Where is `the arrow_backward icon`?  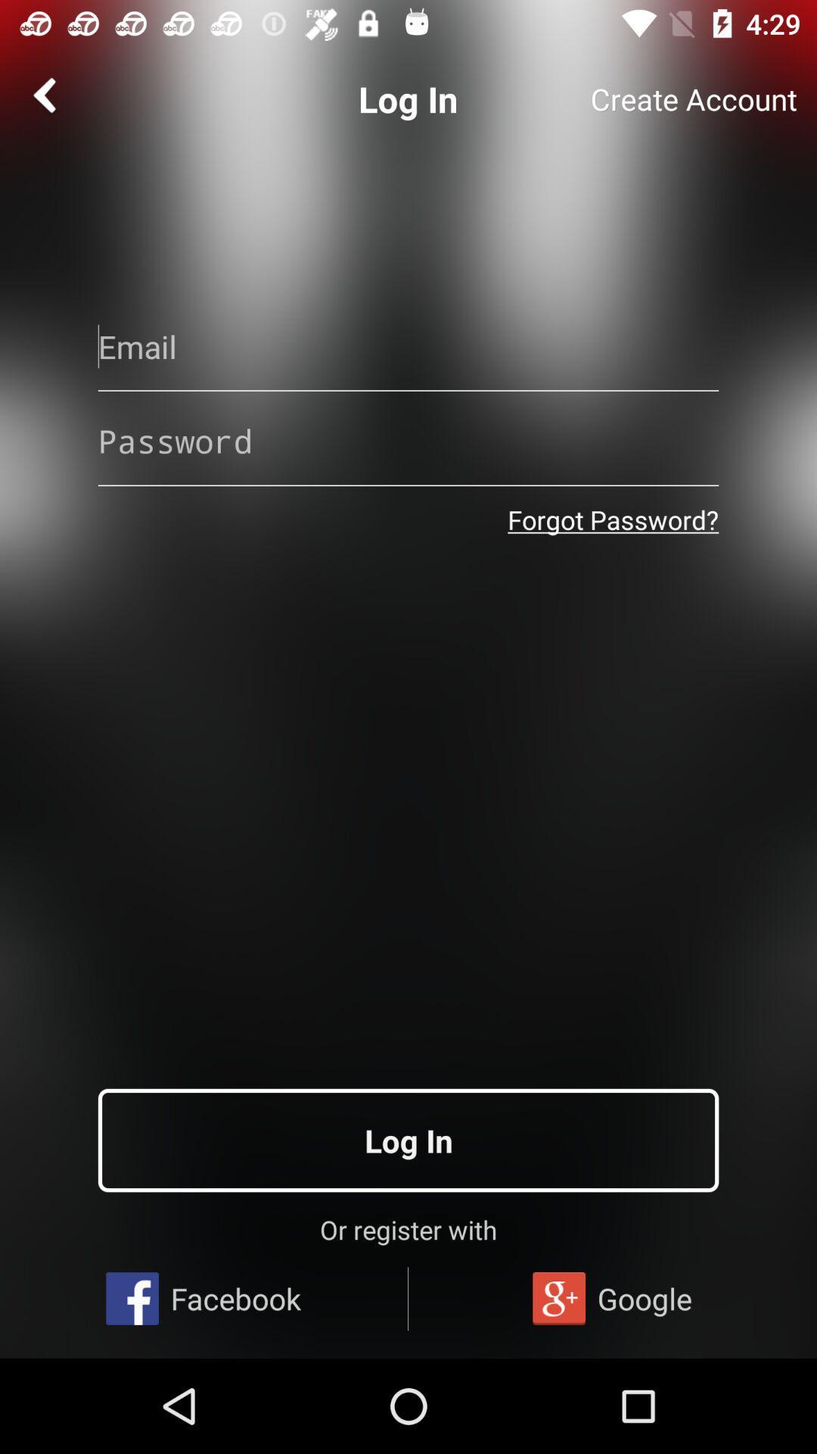
the arrow_backward icon is located at coordinates (46, 94).